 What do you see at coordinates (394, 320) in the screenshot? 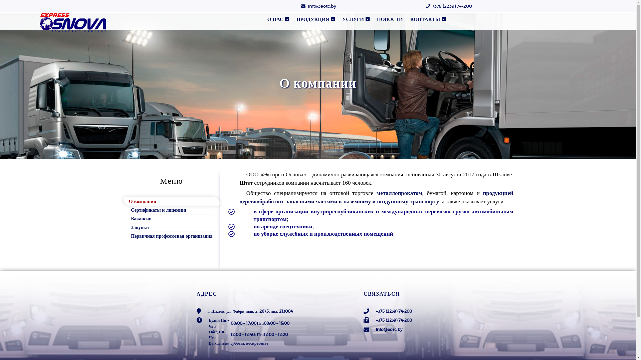
I see `'+375 (2239) 74-200'` at bounding box center [394, 320].